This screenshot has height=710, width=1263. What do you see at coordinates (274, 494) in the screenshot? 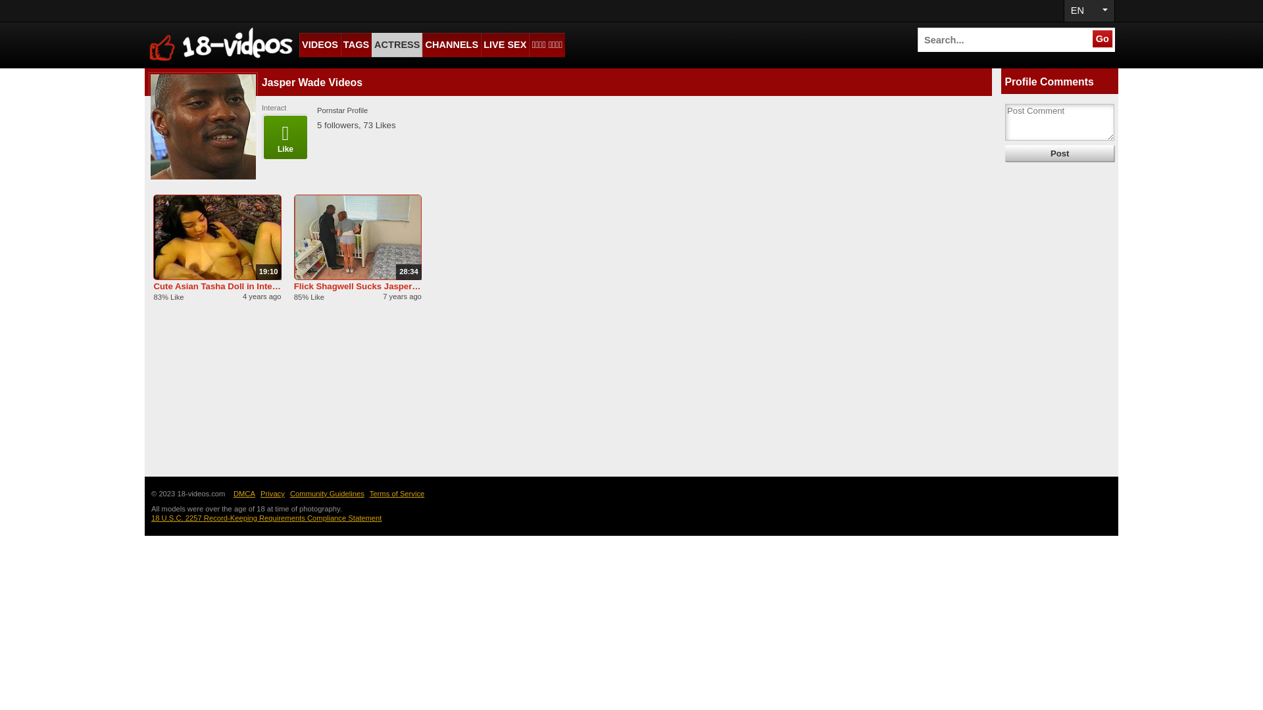
I see `'Privacy'` at bounding box center [274, 494].